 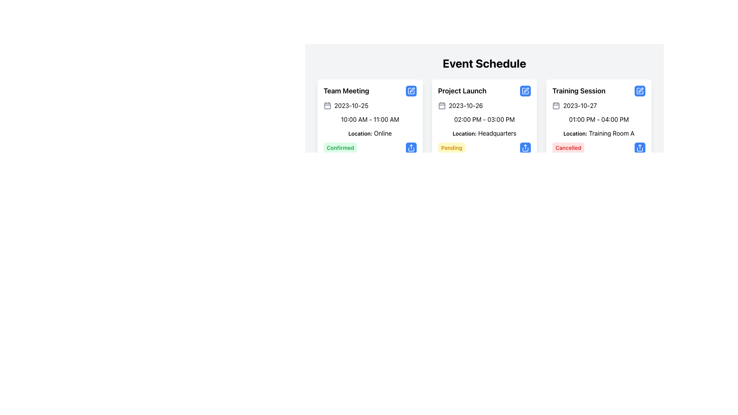 I want to click on the text label indicating the location 'Headquarters' within the 'Project Launch' card, which is positioned below the time range '02:00 PM - 03:00 PM', so click(x=484, y=133).